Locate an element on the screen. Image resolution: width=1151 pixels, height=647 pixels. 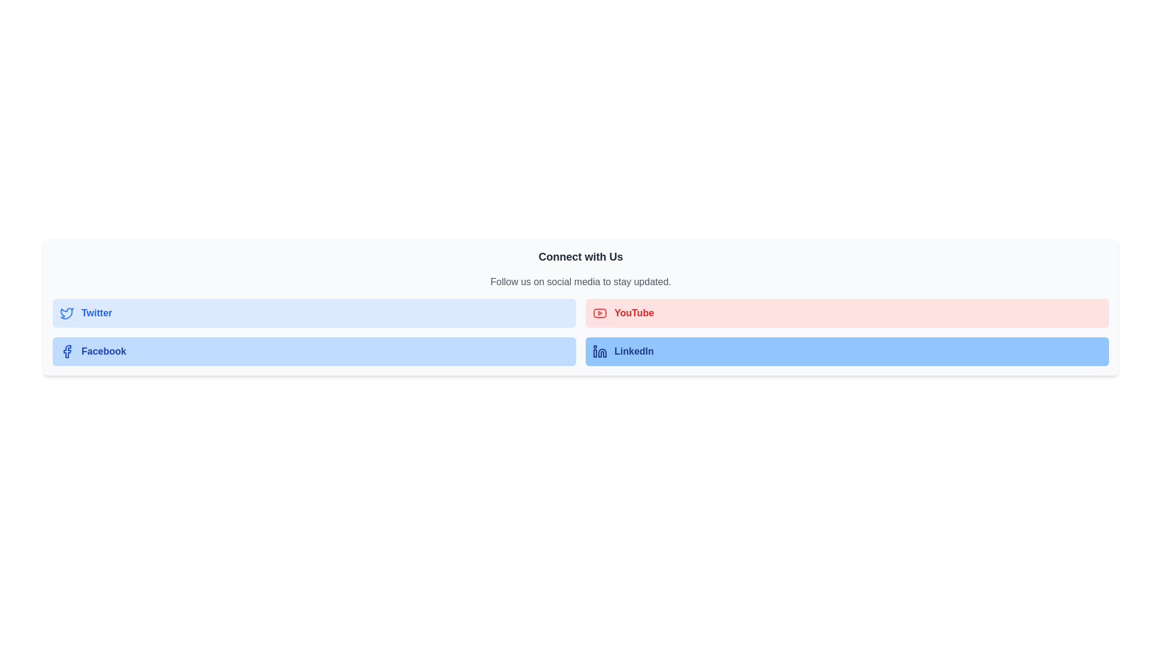
the stylized curve of the LinkedIn icon located in the bottom-right corner of the 'LinkedIn' row is located at coordinates (602, 352).